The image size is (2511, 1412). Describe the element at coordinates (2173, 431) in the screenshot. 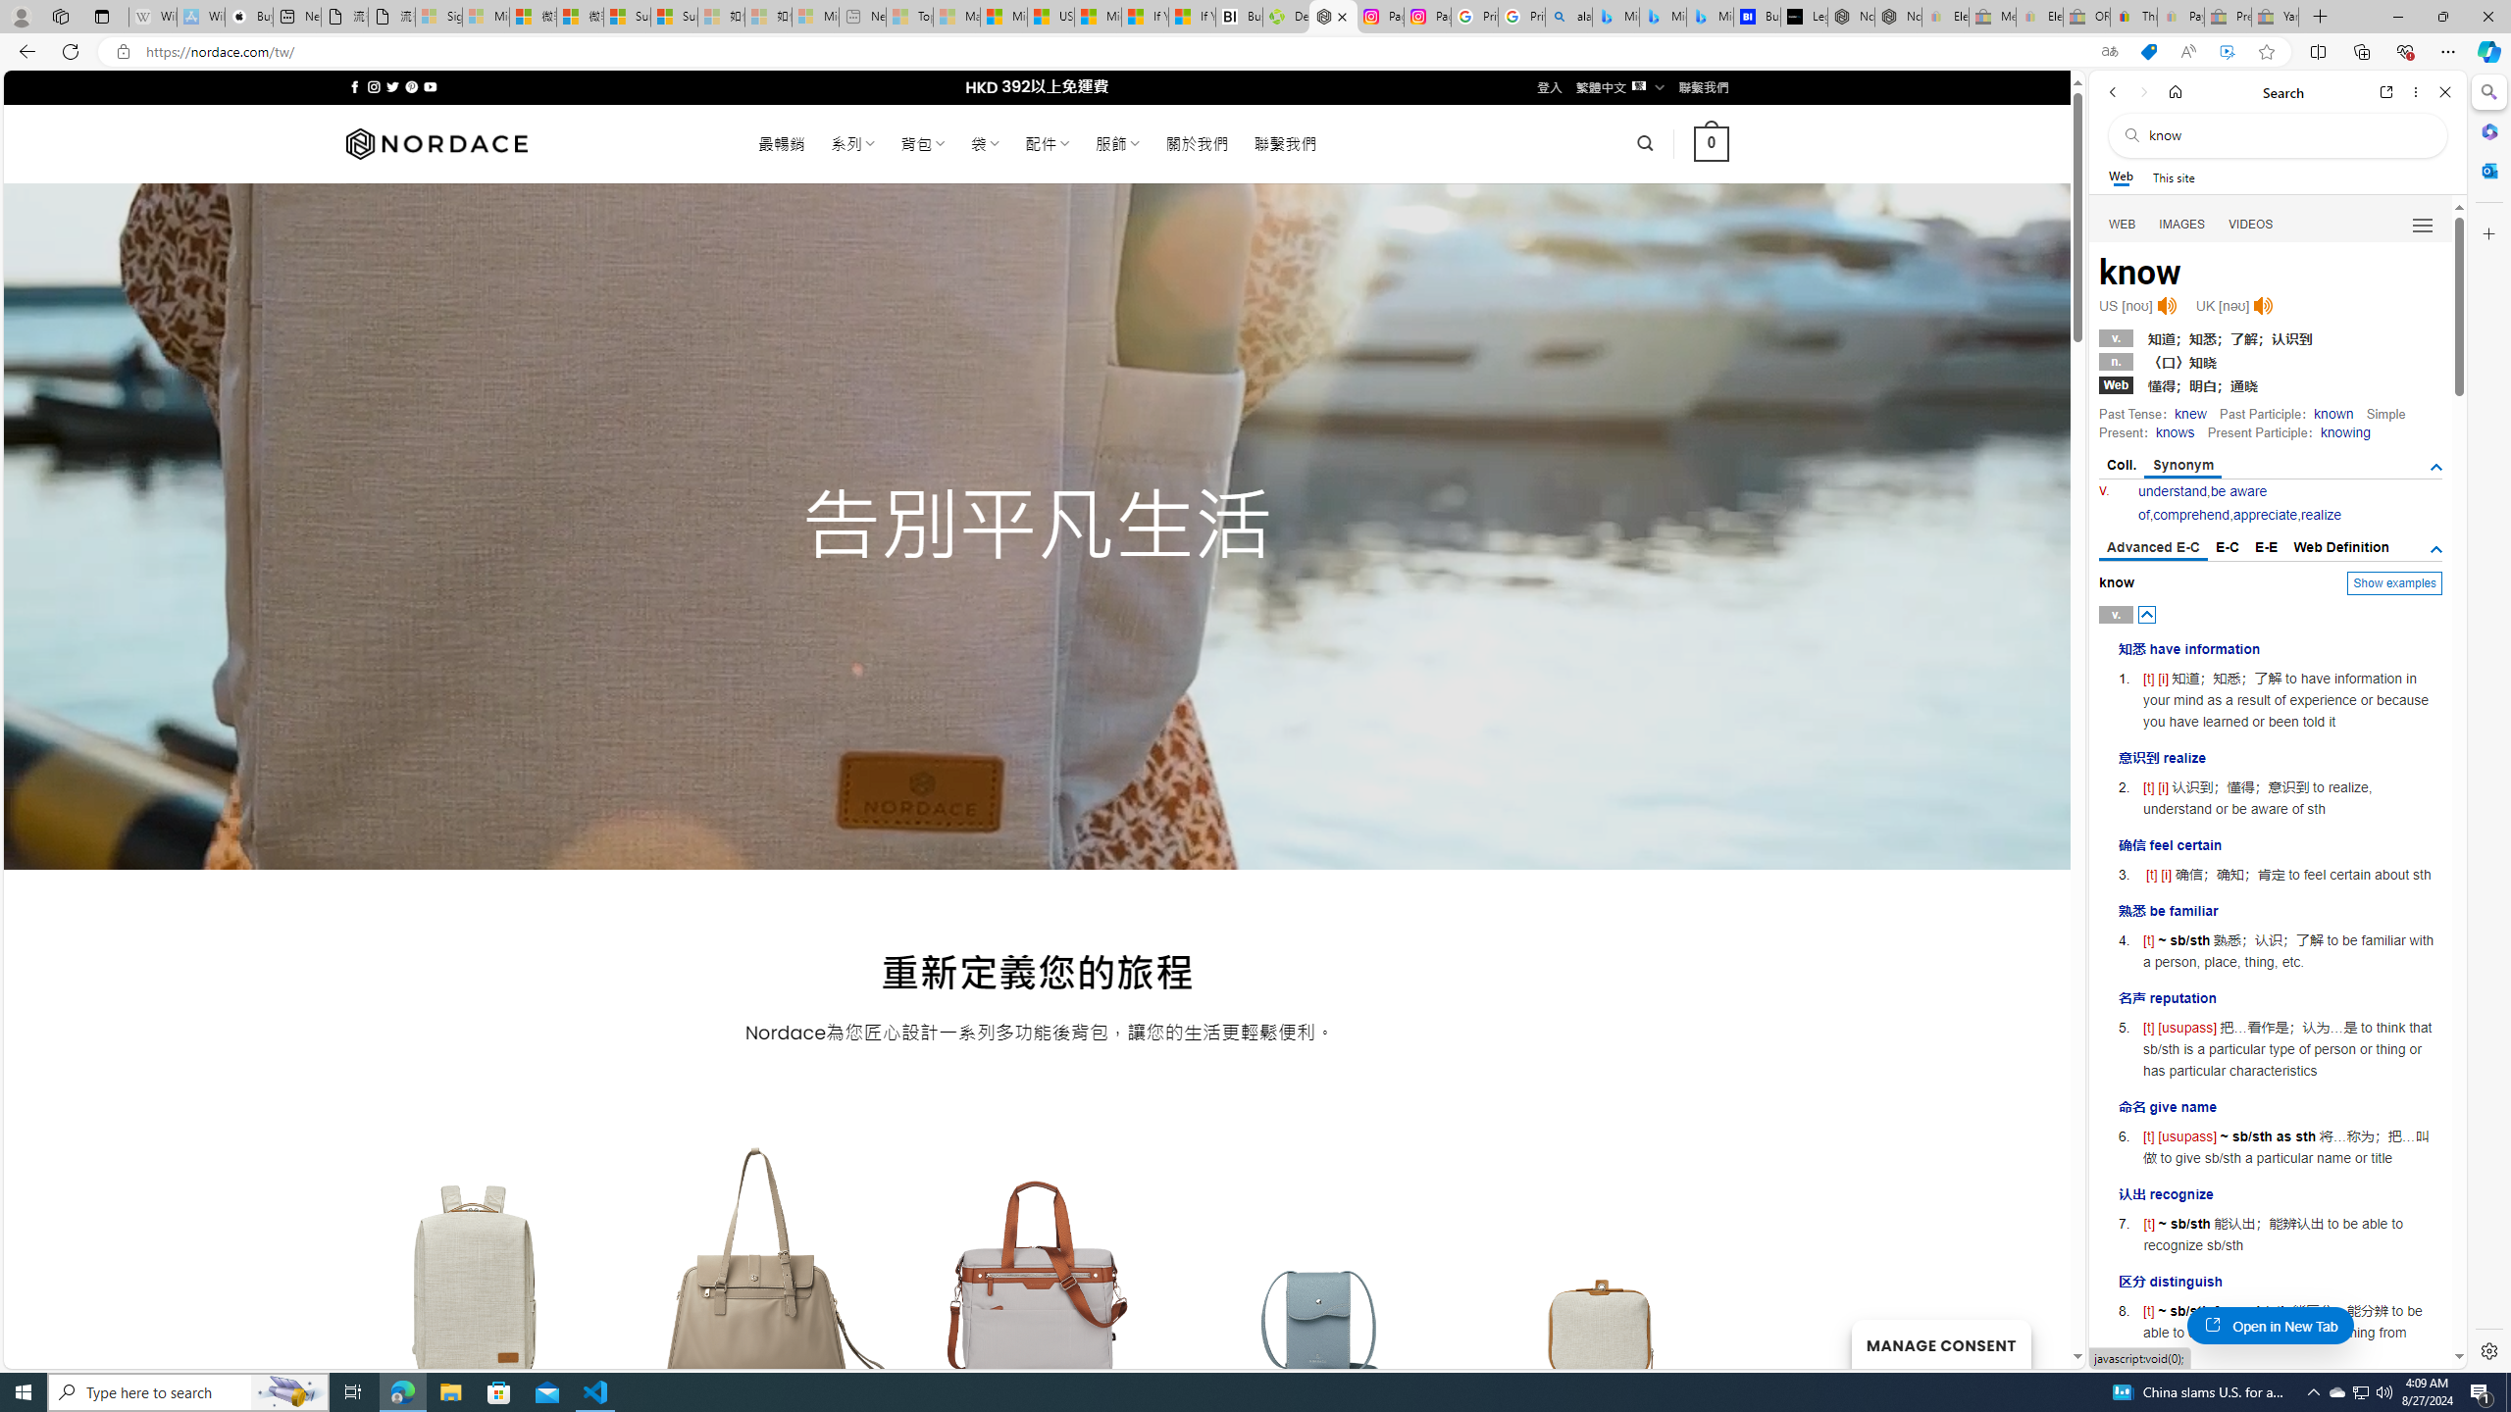

I see `'knows'` at that location.